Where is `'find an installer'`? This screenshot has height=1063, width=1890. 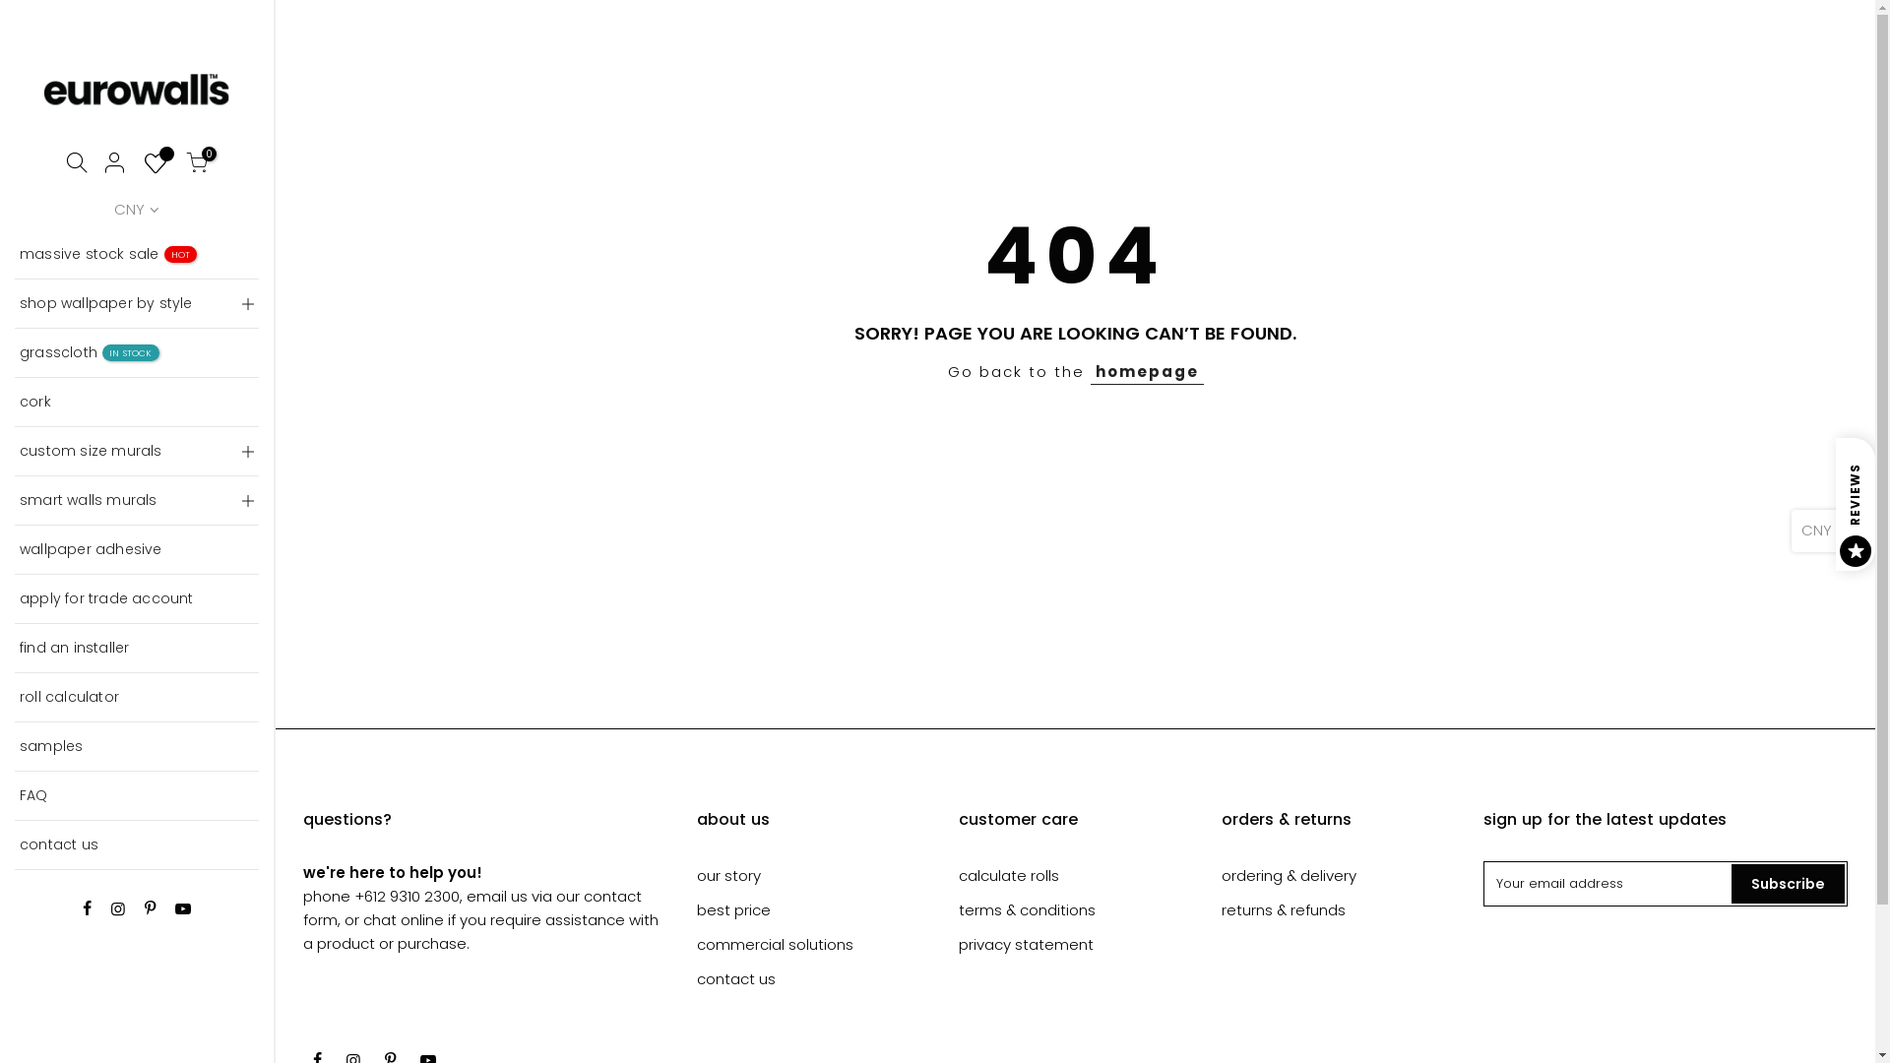
'find an installer' is located at coordinates (136, 649).